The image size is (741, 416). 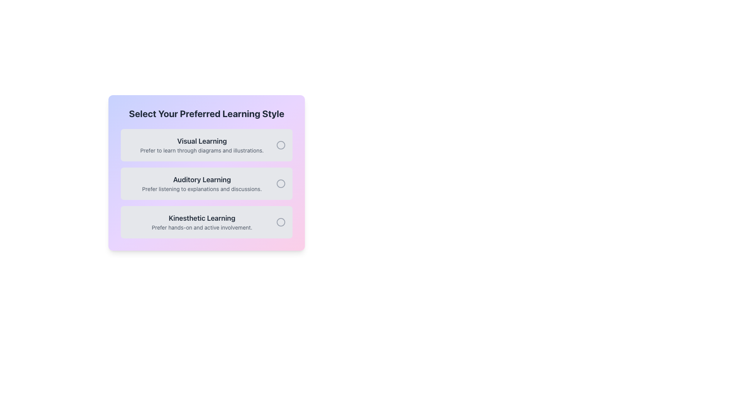 I want to click on the Text Label that provides details about the 'Auditory Learning' option, located beneath the heading 'Auditory Learning', so click(x=202, y=189).